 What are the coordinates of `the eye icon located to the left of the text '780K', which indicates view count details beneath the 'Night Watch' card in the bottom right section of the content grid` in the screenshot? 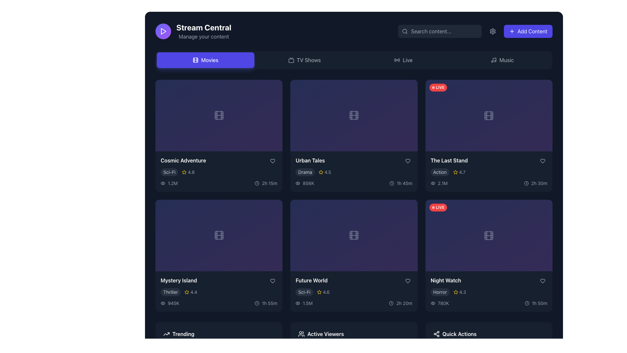 It's located at (433, 303).